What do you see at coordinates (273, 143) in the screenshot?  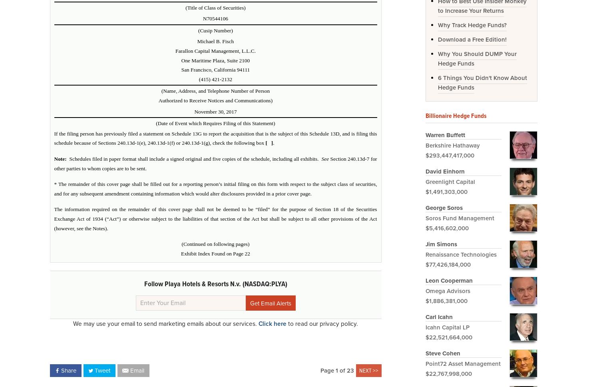 I see `'.'` at bounding box center [273, 143].